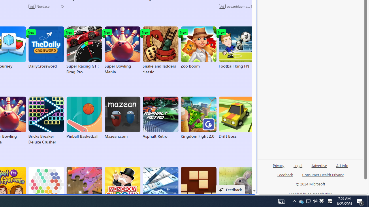  I want to click on 'Kingdom Fight 2.0', so click(198, 118).